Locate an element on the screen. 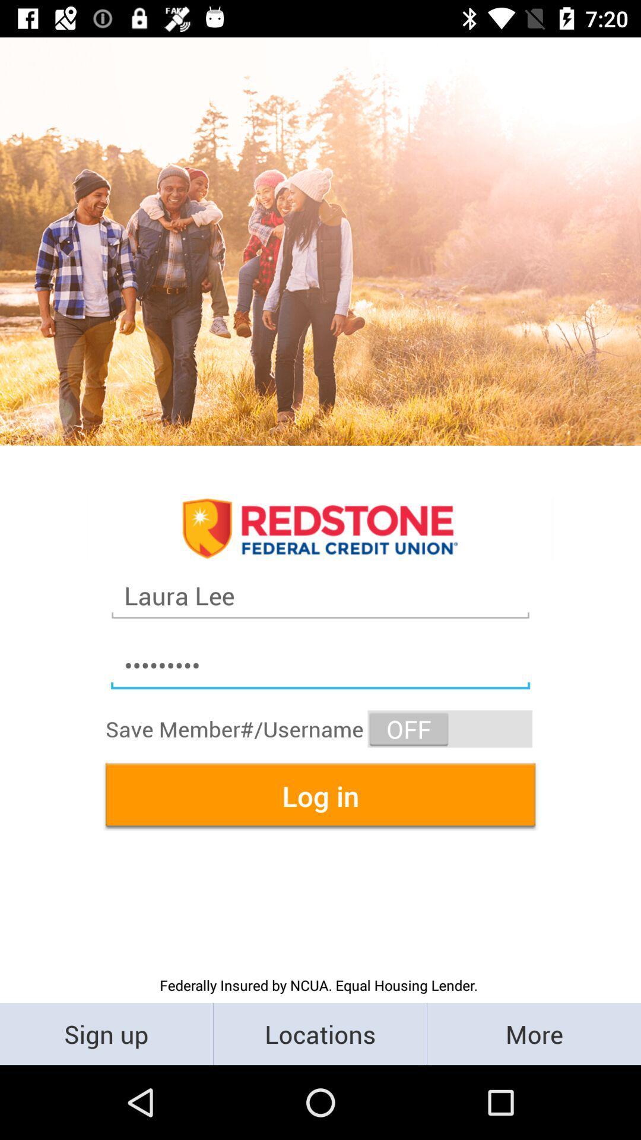 This screenshot has height=1140, width=641. item below laura lee icon is located at coordinates (320, 666).